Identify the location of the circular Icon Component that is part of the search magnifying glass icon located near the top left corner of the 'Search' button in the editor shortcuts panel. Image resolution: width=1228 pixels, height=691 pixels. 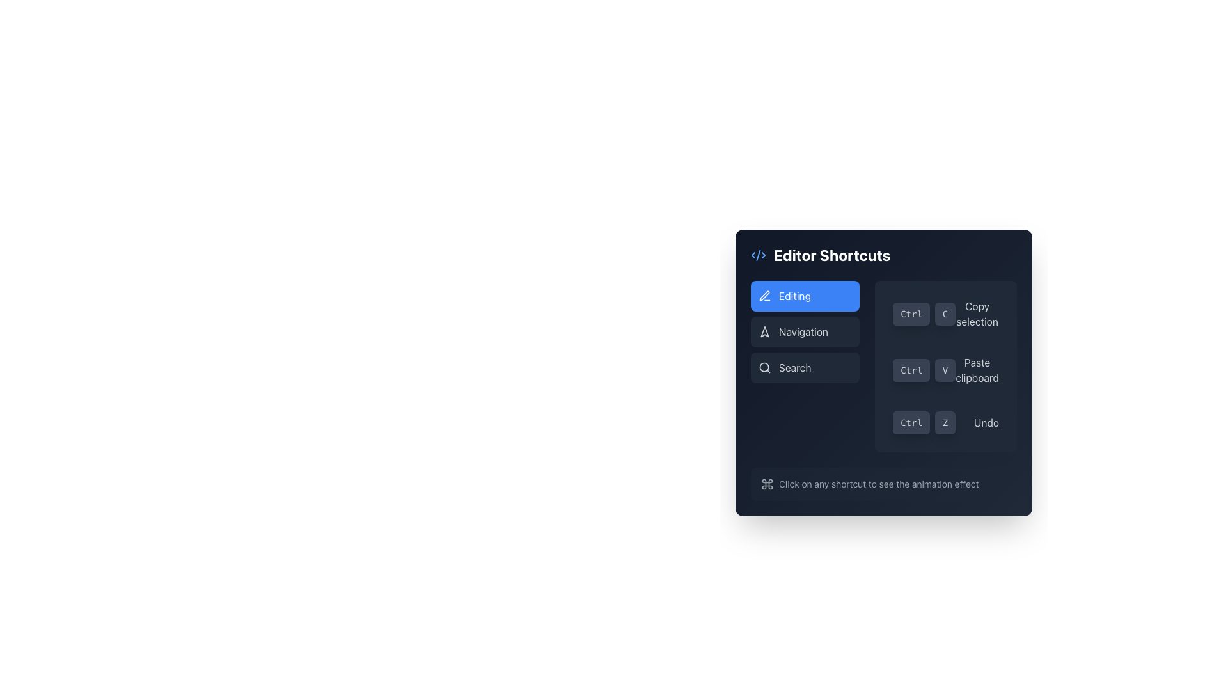
(764, 367).